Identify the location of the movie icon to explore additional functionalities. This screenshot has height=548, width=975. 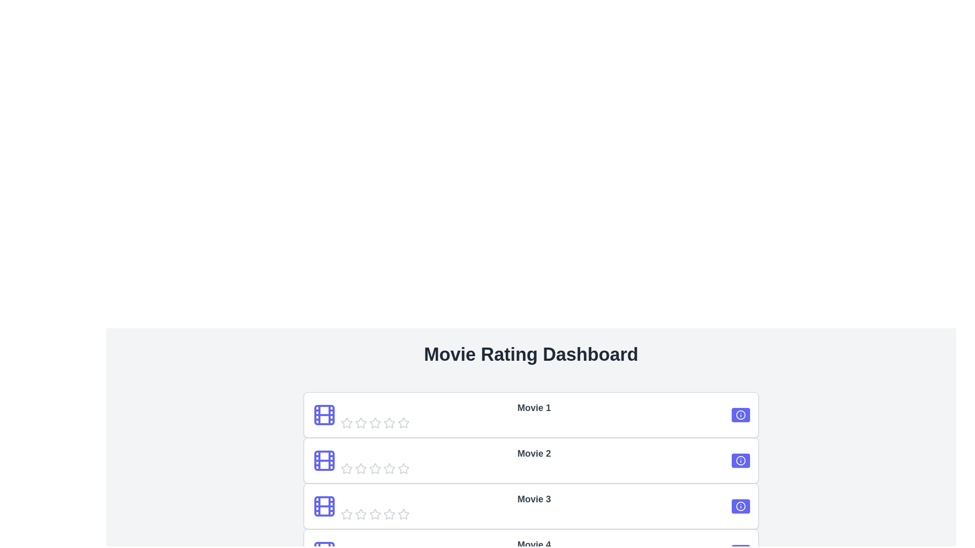
(323, 415).